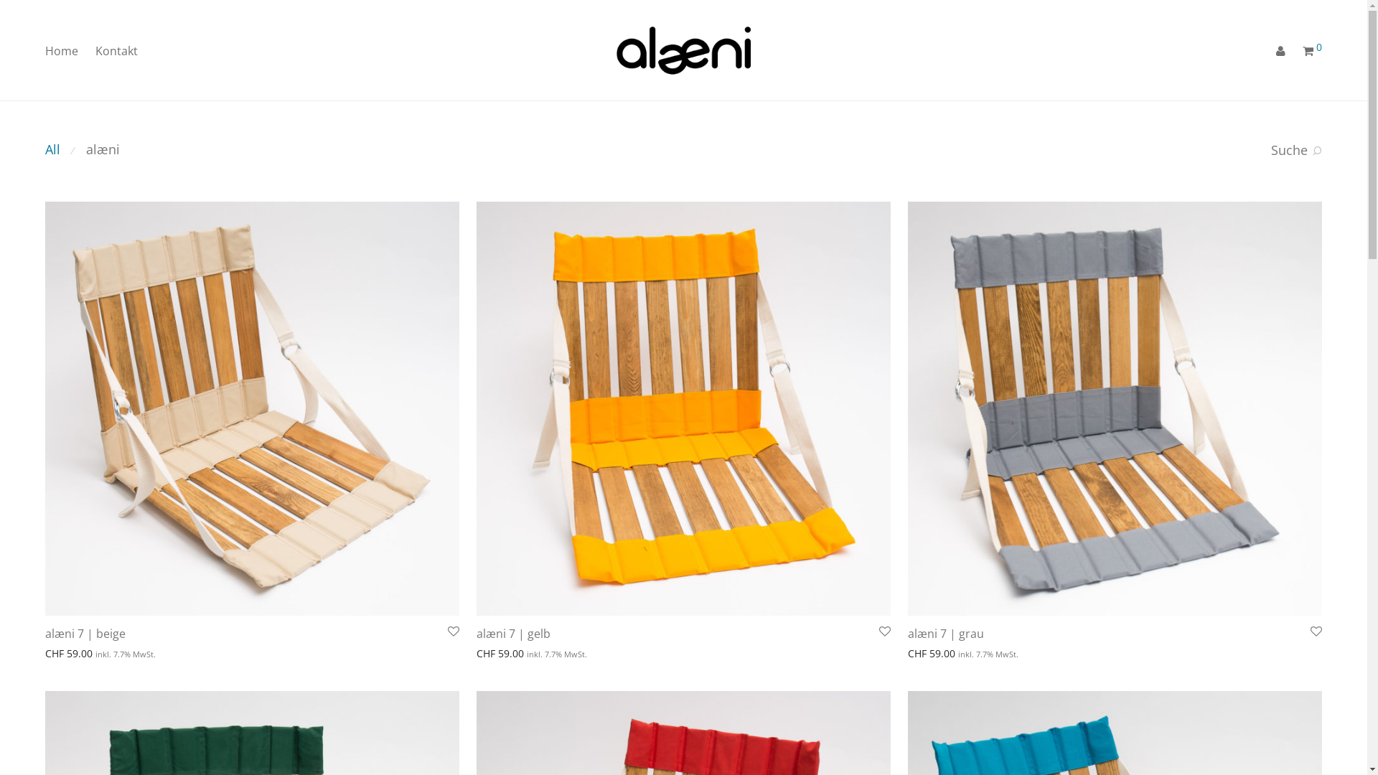 The height and width of the screenshot is (775, 1378). What do you see at coordinates (52, 149) in the screenshot?
I see `'All'` at bounding box center [52, 149].